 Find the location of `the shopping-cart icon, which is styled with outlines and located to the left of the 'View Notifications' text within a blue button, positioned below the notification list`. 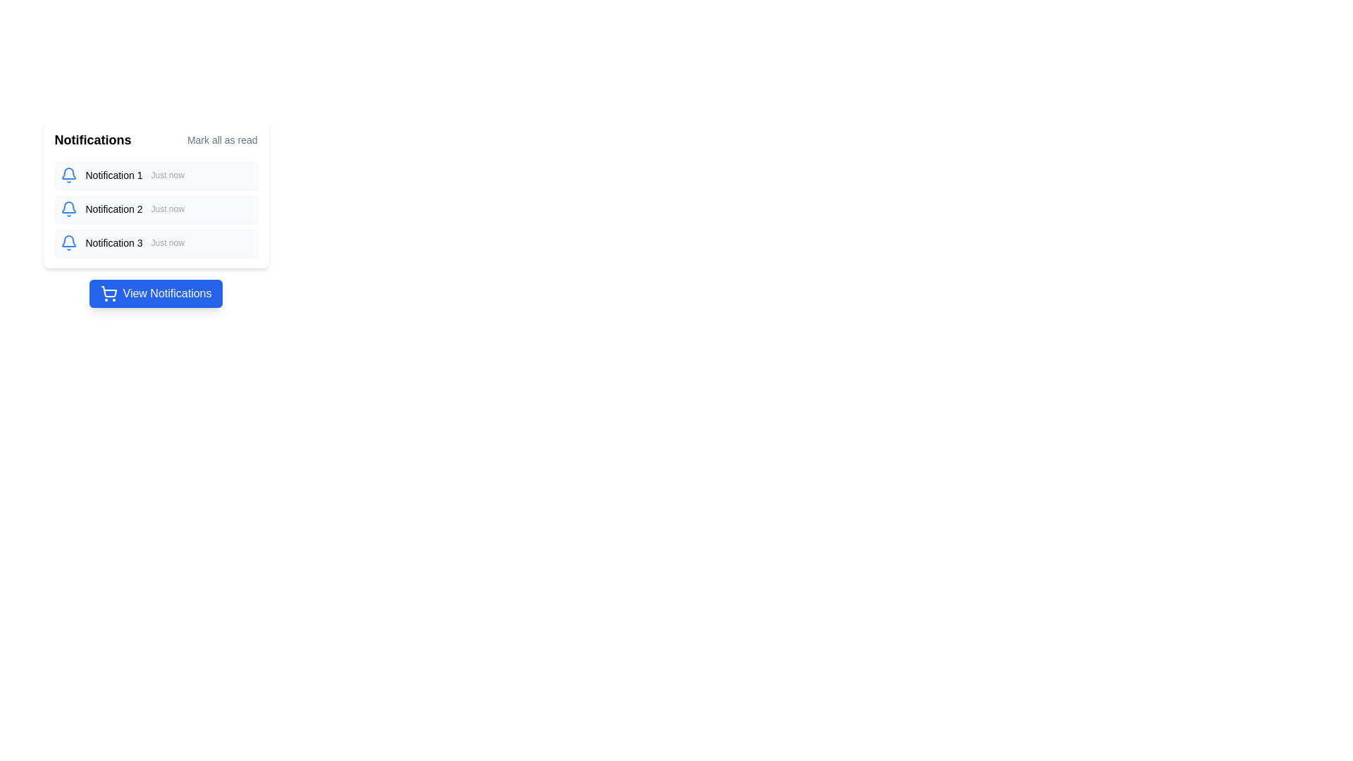

the shopping-cart icon, which is styled with outlines and located to the left of the 'View Notifications' text within a blue button, positioned below the notification list is located at coordinates (108, 292).